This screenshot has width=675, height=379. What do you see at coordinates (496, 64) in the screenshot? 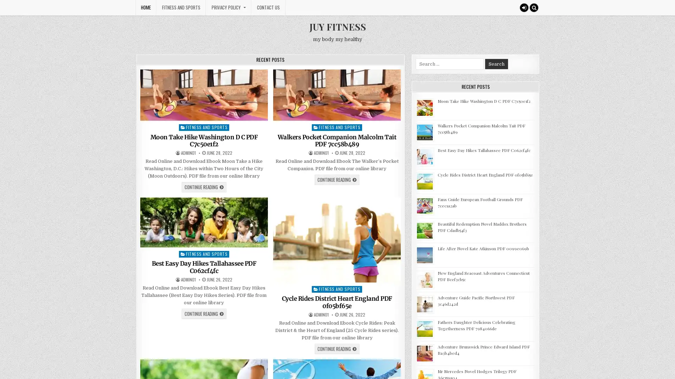
I see `Search` at bounding box center [496, 64].